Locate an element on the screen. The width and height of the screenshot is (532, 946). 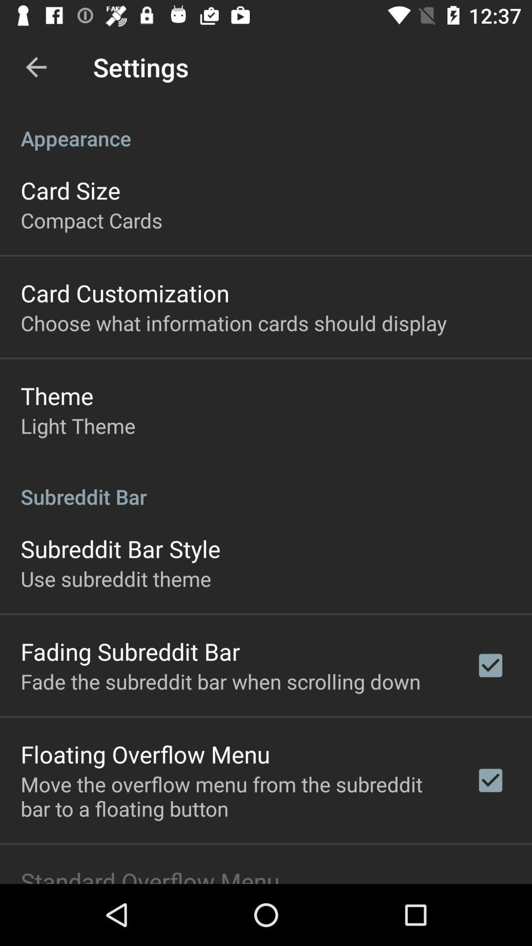
icon above the theme app is located at coordinates (233, 323).